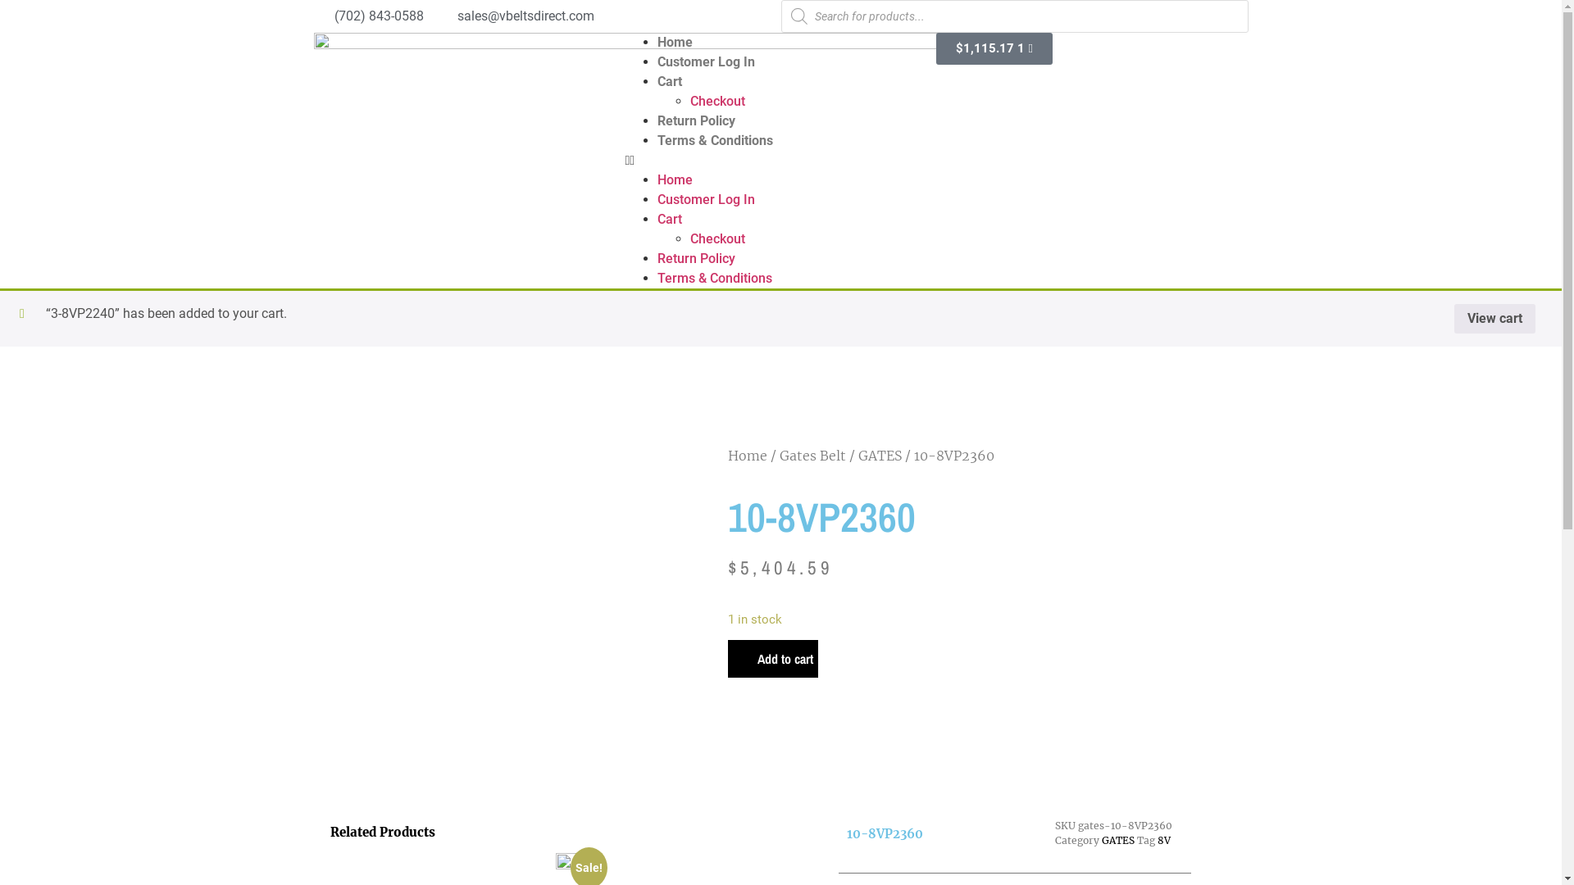 The width and height of the screenshot is (1574, 885). I want to click on 'Checkout', so click(717, 101).